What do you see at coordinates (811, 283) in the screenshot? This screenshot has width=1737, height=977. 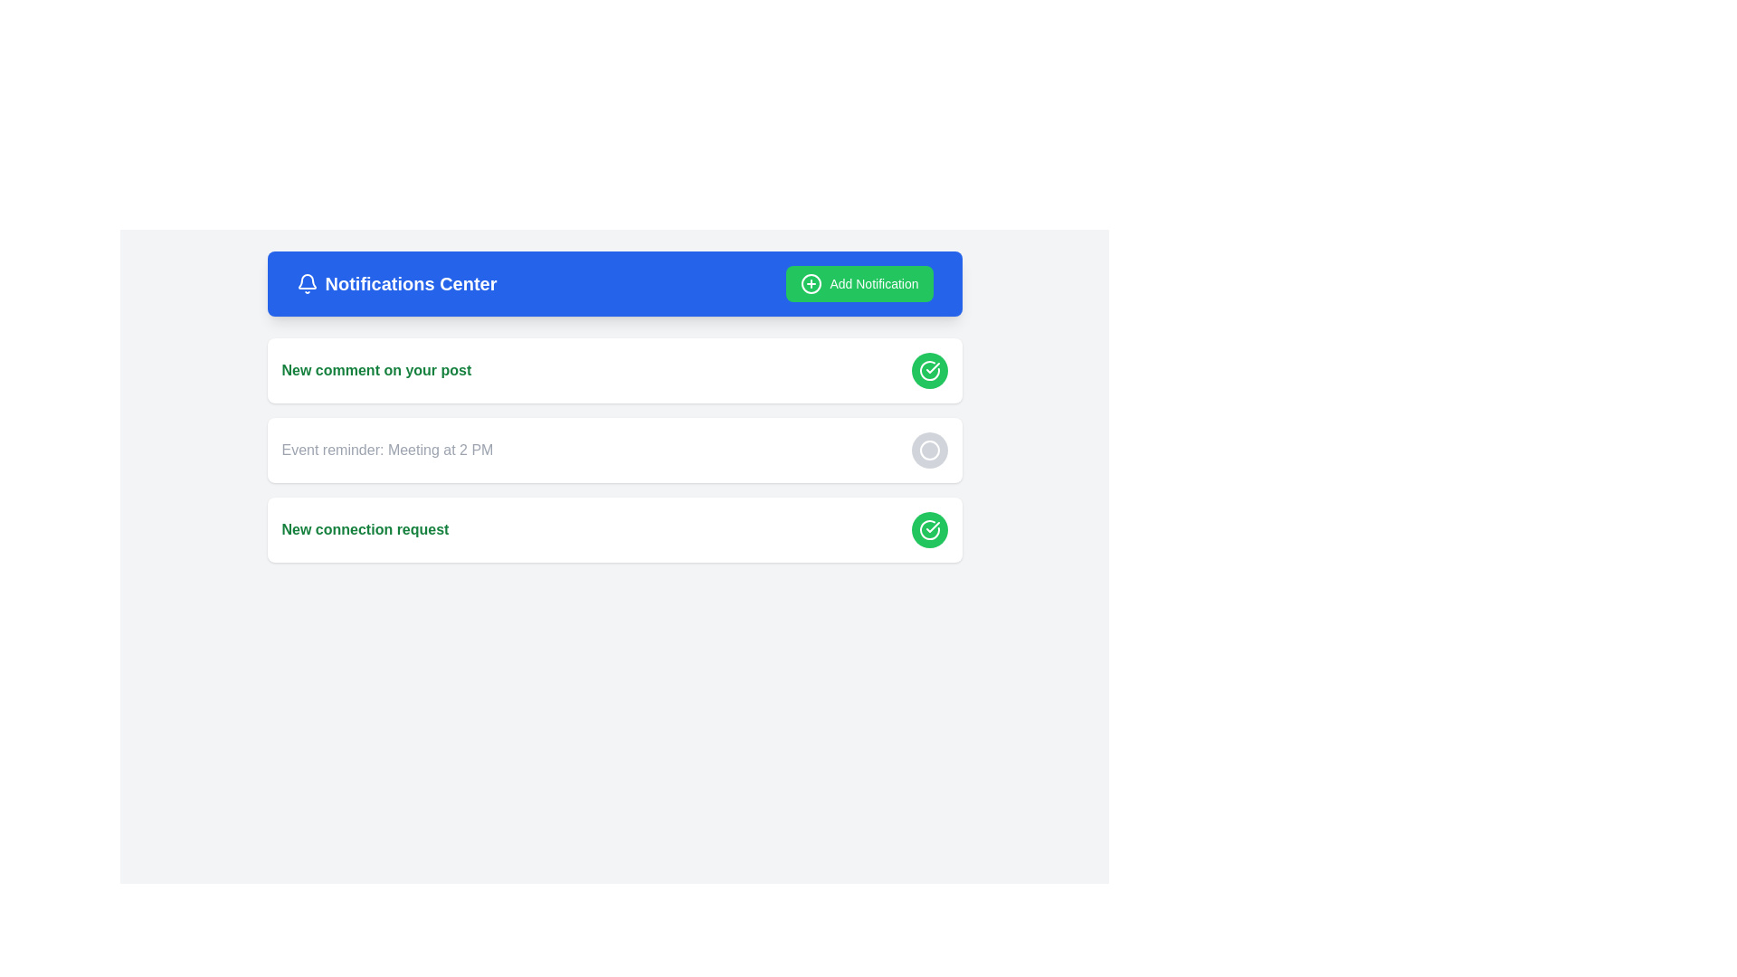 I see `the small circular icon with a plus sign in the middle, located on the left side of the 'Add Notification' button in the upper-right corner of the user interface` at bounding box center [811, 283].